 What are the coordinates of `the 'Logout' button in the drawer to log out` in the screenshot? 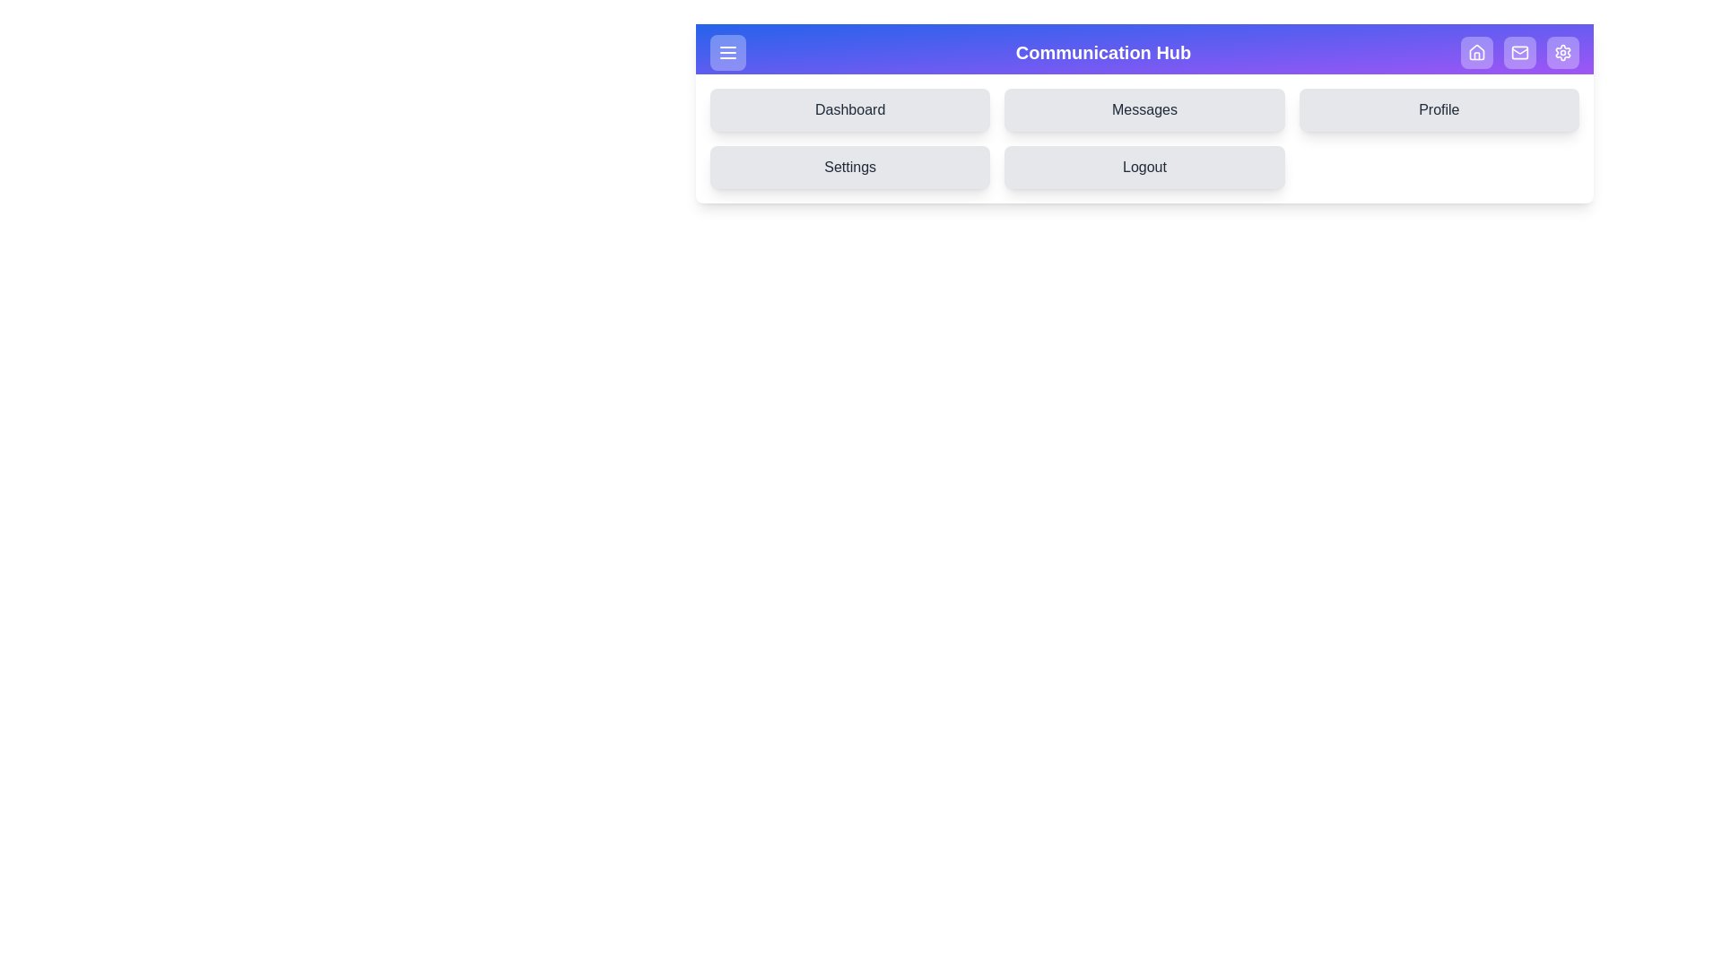 It's located at (1144, 167).